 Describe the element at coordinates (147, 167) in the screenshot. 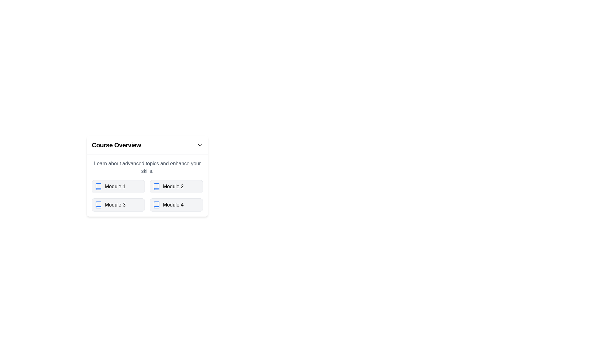

I see `the informational text displaying the message 'Learn about advanced topics and enhance your skills.' located above the modules grid in the 'Course Overview' section` at that location.